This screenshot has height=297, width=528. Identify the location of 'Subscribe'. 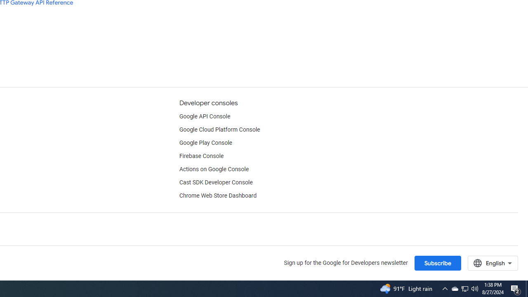
(437, 263).